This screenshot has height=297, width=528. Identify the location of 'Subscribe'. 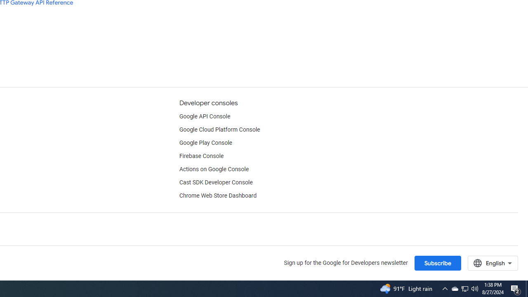
(437, 263).